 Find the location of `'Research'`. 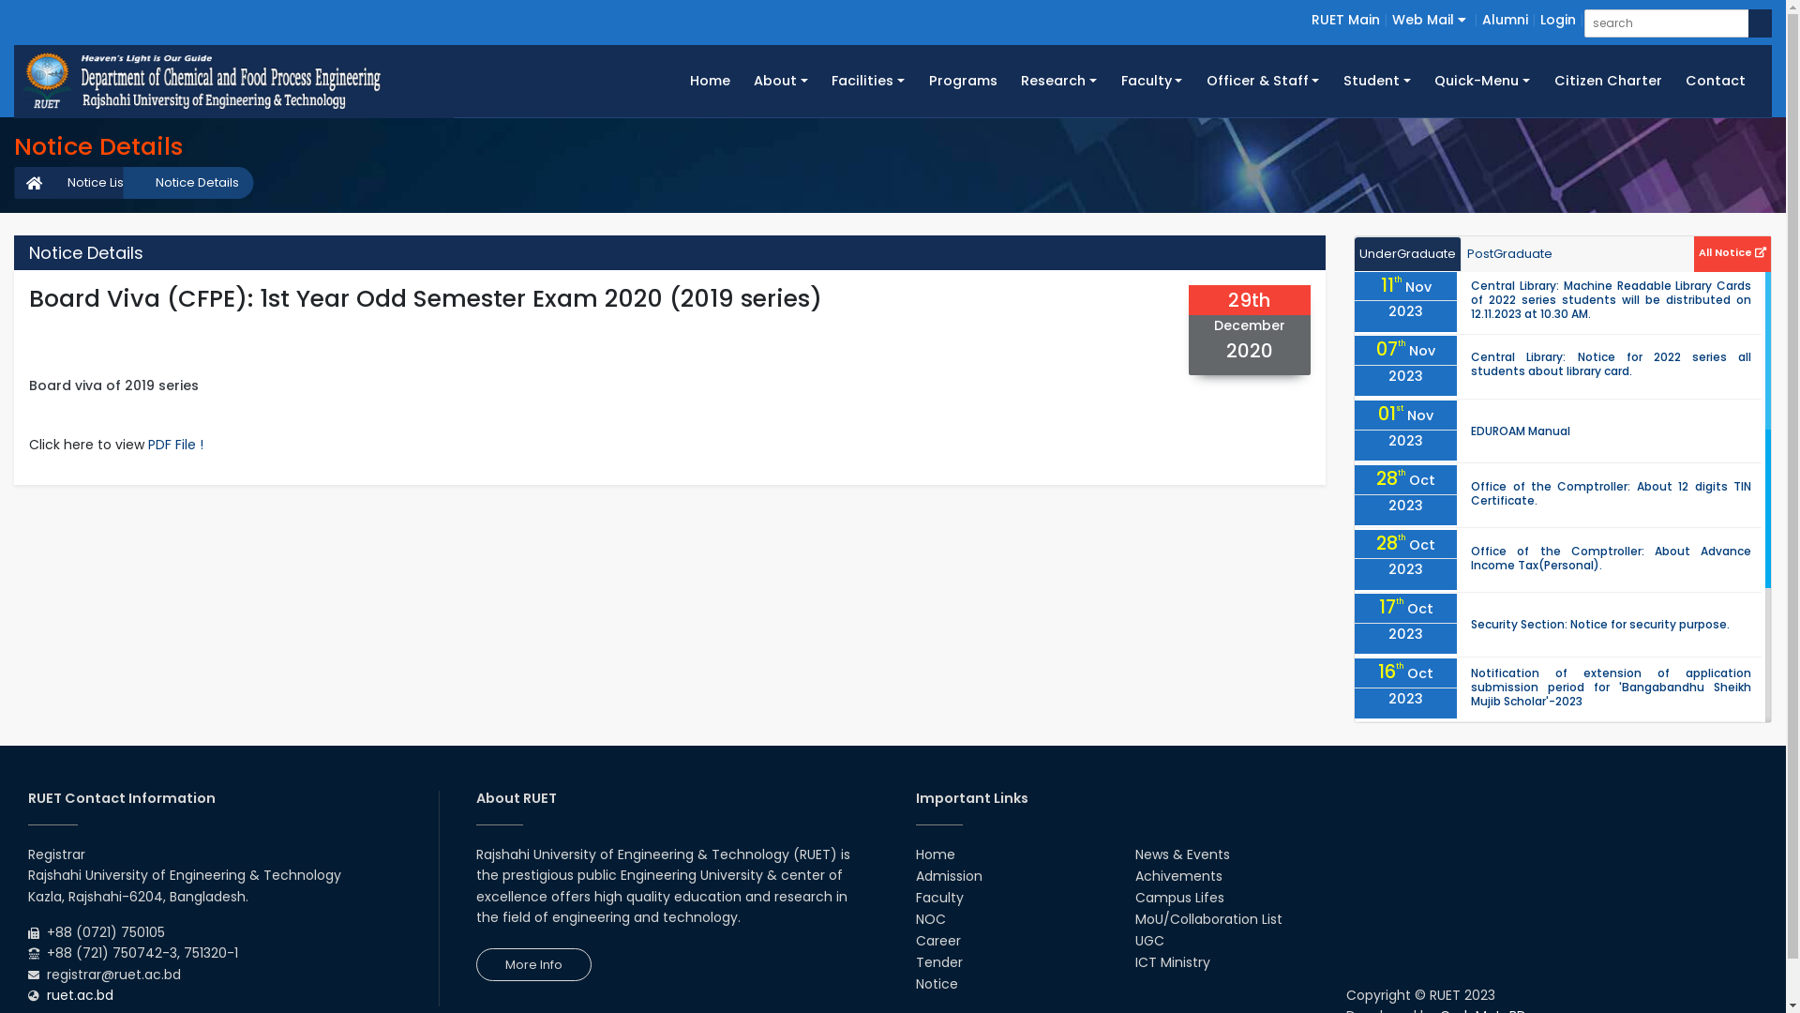

'Research' is located at coordinates (1007, 80).